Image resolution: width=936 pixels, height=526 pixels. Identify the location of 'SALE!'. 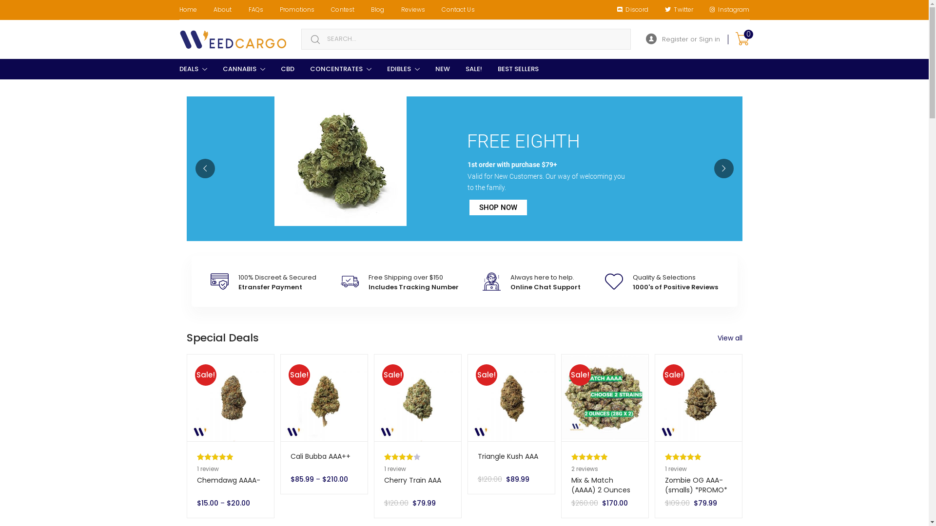
(473, 69).